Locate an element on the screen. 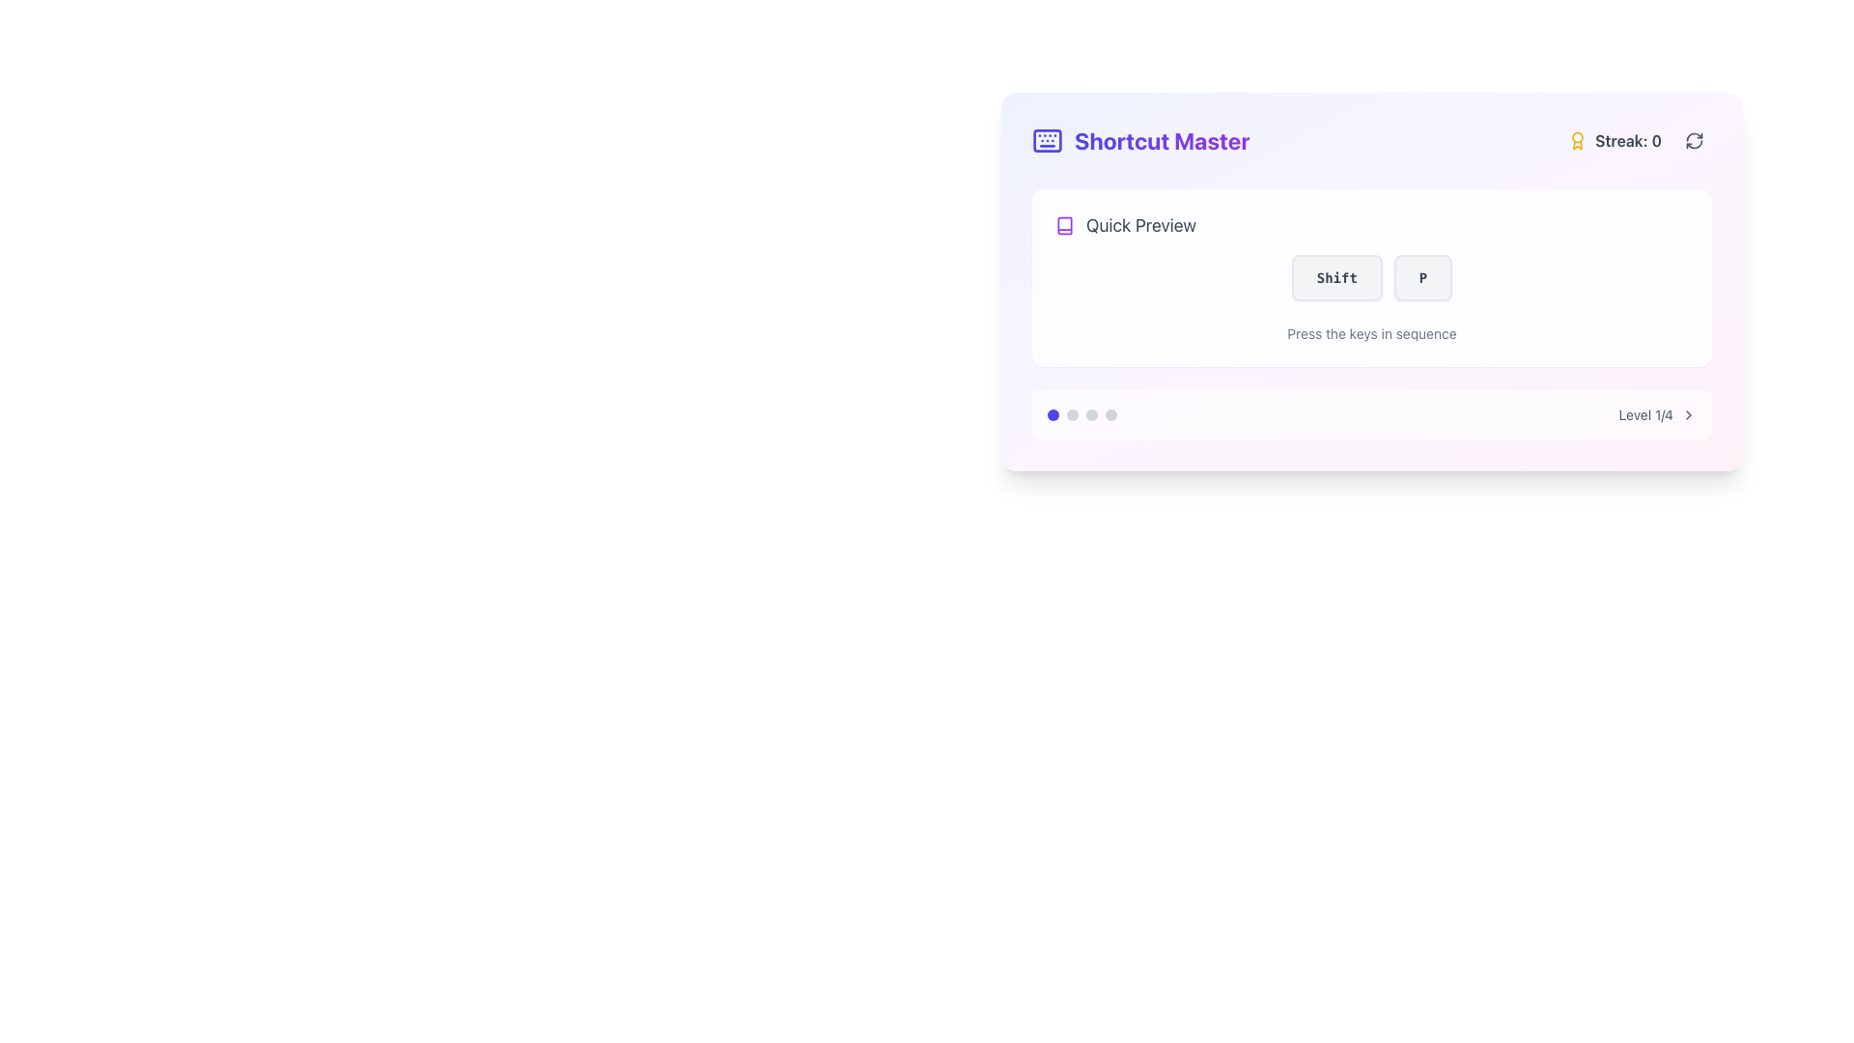 The width and height of the screenshot is (1854, 1043). the 'Streak: 0' text display element with an award icon located in the upper-right corner of the 'Shortcut Master' box is located at coordinates (1639, 140).